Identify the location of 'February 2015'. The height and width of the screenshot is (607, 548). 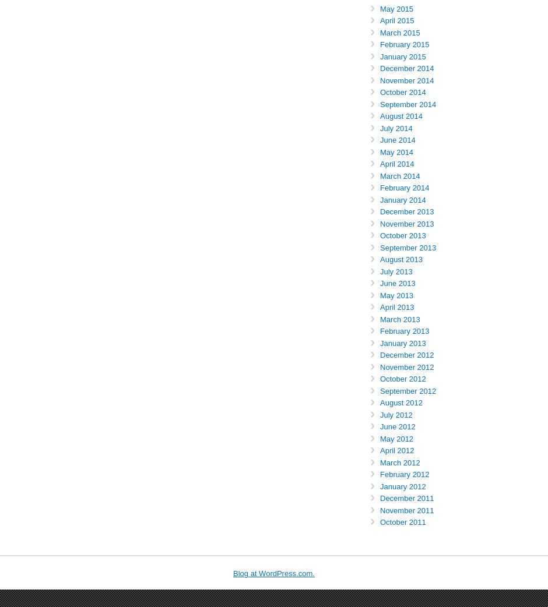
(404, 44).